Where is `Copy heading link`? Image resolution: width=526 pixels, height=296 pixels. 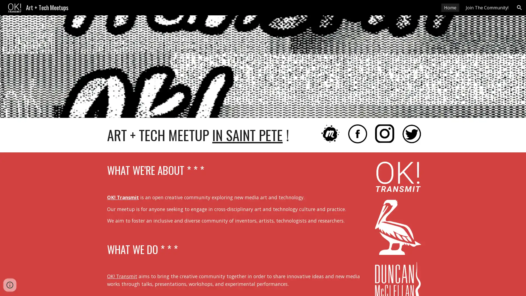 Copy heading link is located at coordinates (184, 249).